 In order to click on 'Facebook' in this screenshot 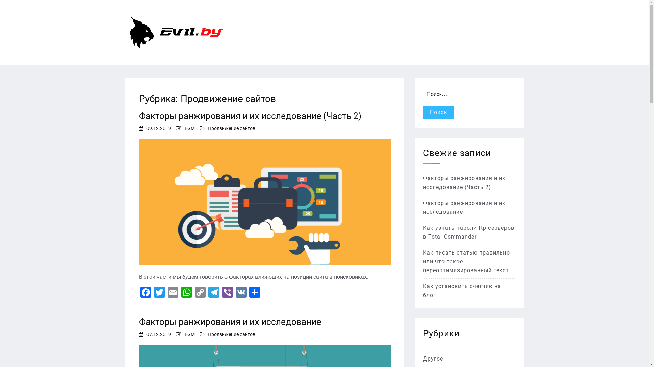, I will do `click(145, 293)`.